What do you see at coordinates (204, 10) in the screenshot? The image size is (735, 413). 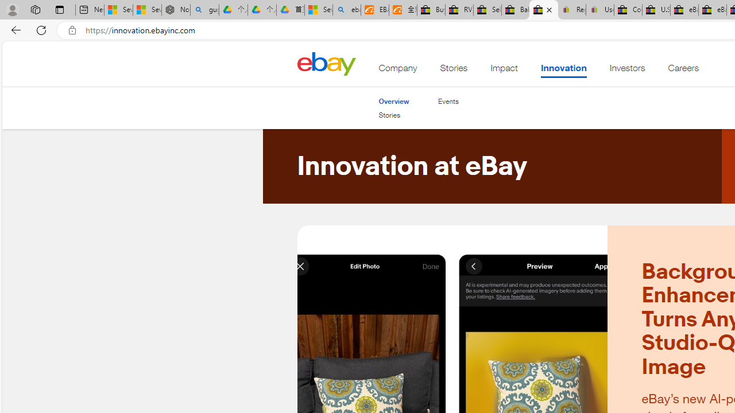 I see `'guge yunpan - Search'` at bounding box center [204, 10].